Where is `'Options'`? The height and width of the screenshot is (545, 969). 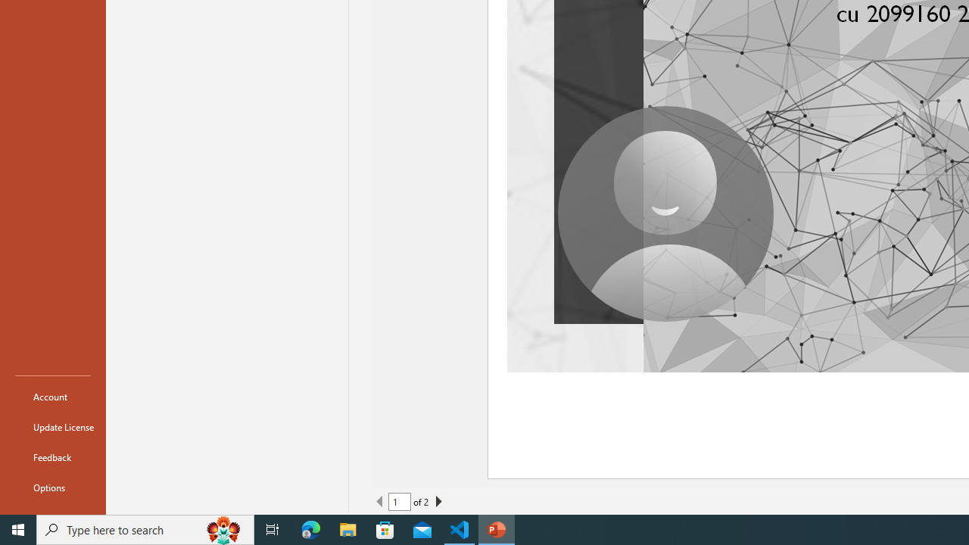 'Options' is located at coordinates (52, 487).